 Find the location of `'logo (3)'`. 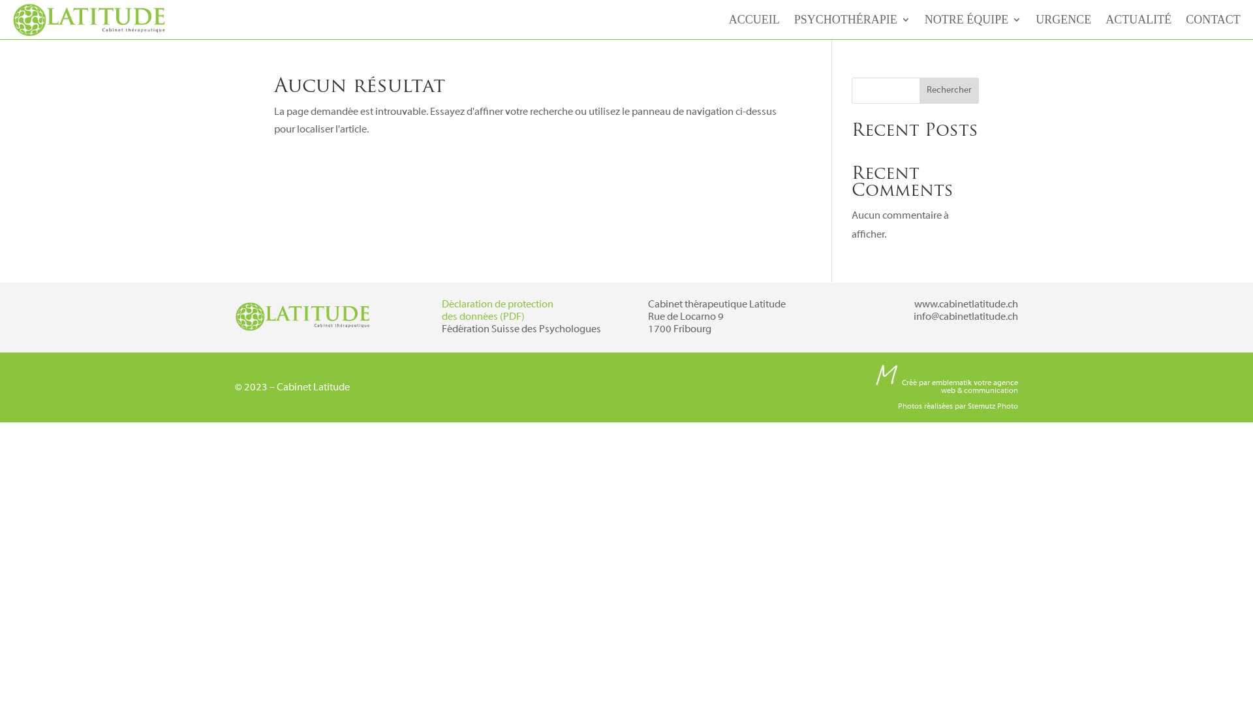

'logo (3)' is located at coordinates (303, 316).